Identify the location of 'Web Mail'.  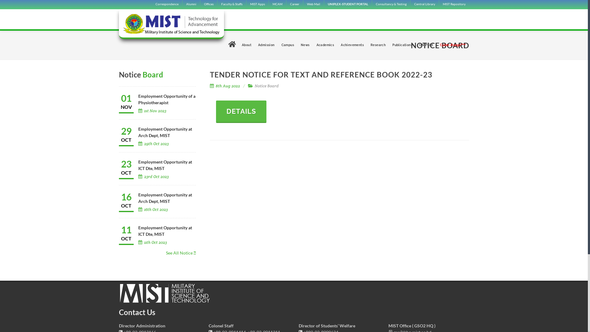
(303, 5).